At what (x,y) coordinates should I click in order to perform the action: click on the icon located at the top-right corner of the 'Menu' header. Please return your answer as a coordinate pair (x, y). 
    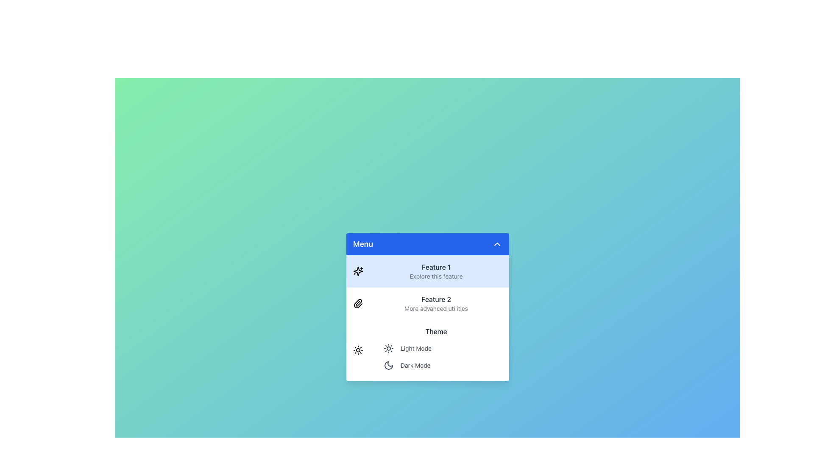
    Looking at the image, I should click on (497, 244).